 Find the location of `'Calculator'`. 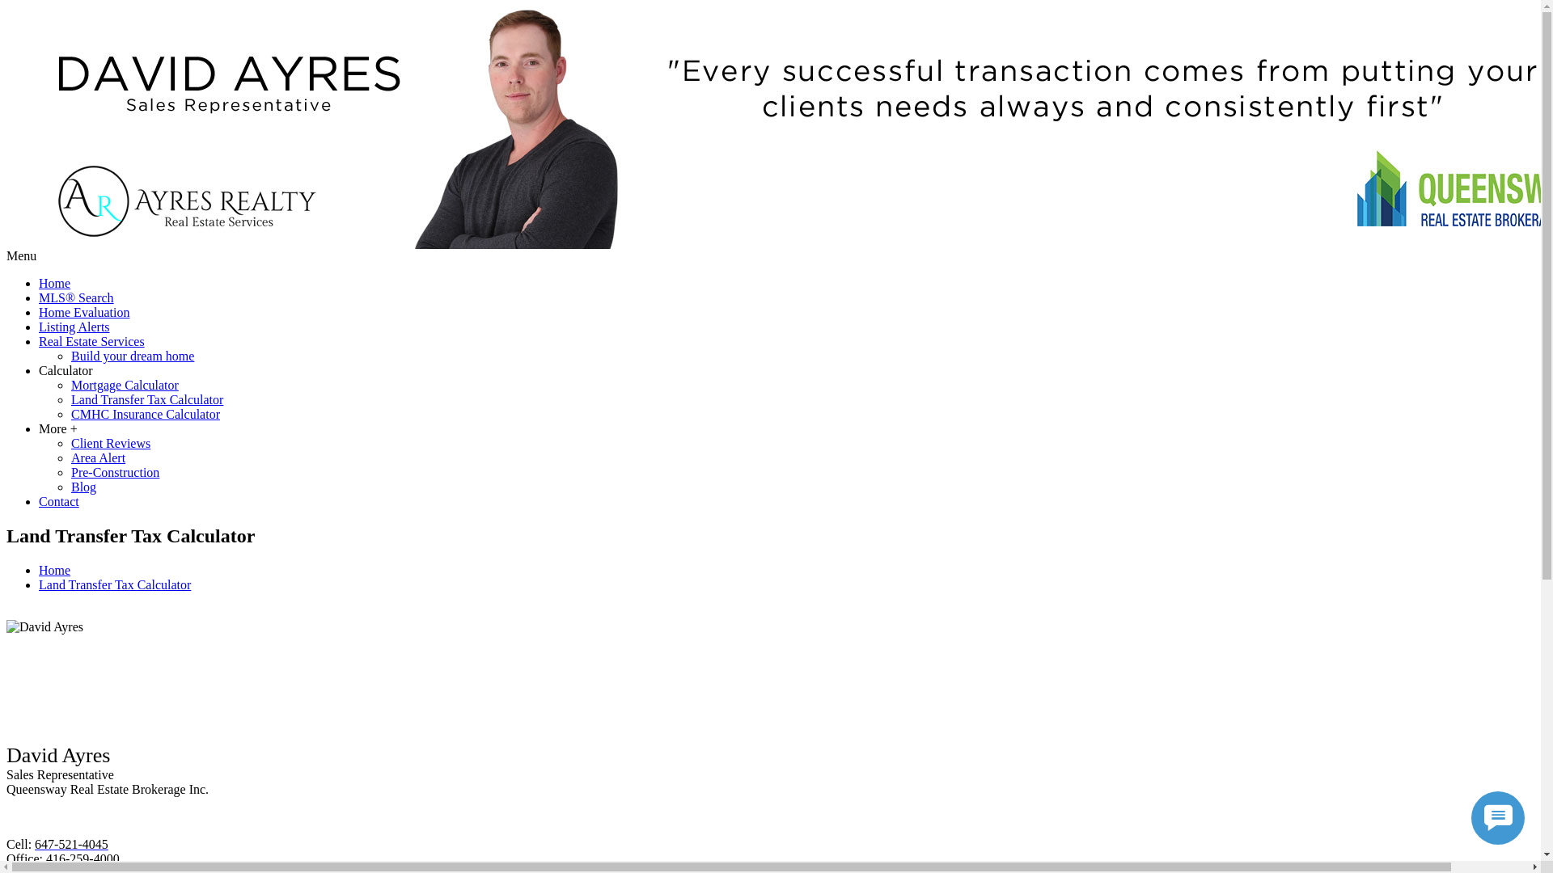

'Calculator' is located at coordinates (65, 370).